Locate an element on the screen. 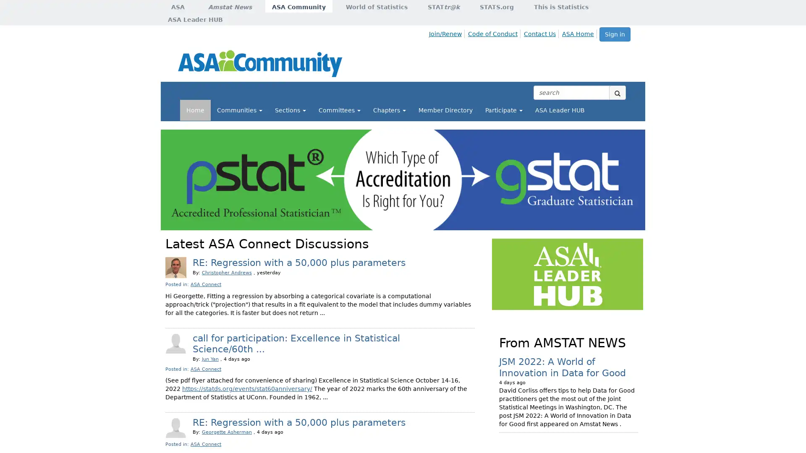 This screenshot has height=453, width=806. search is located at coordinates (617, 92).